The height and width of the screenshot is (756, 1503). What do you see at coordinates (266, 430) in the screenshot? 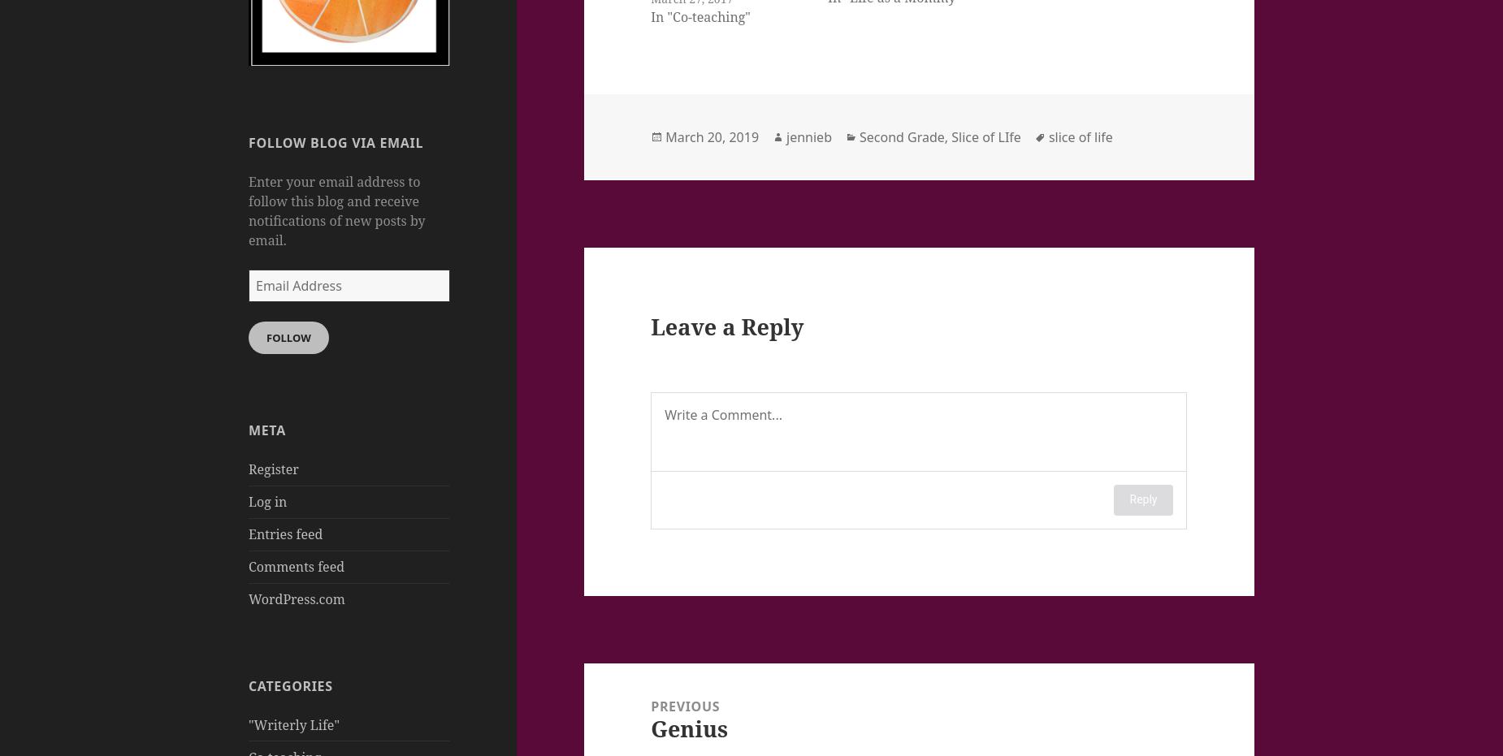
I see `'Meta'` at bounding box center [266, 430].